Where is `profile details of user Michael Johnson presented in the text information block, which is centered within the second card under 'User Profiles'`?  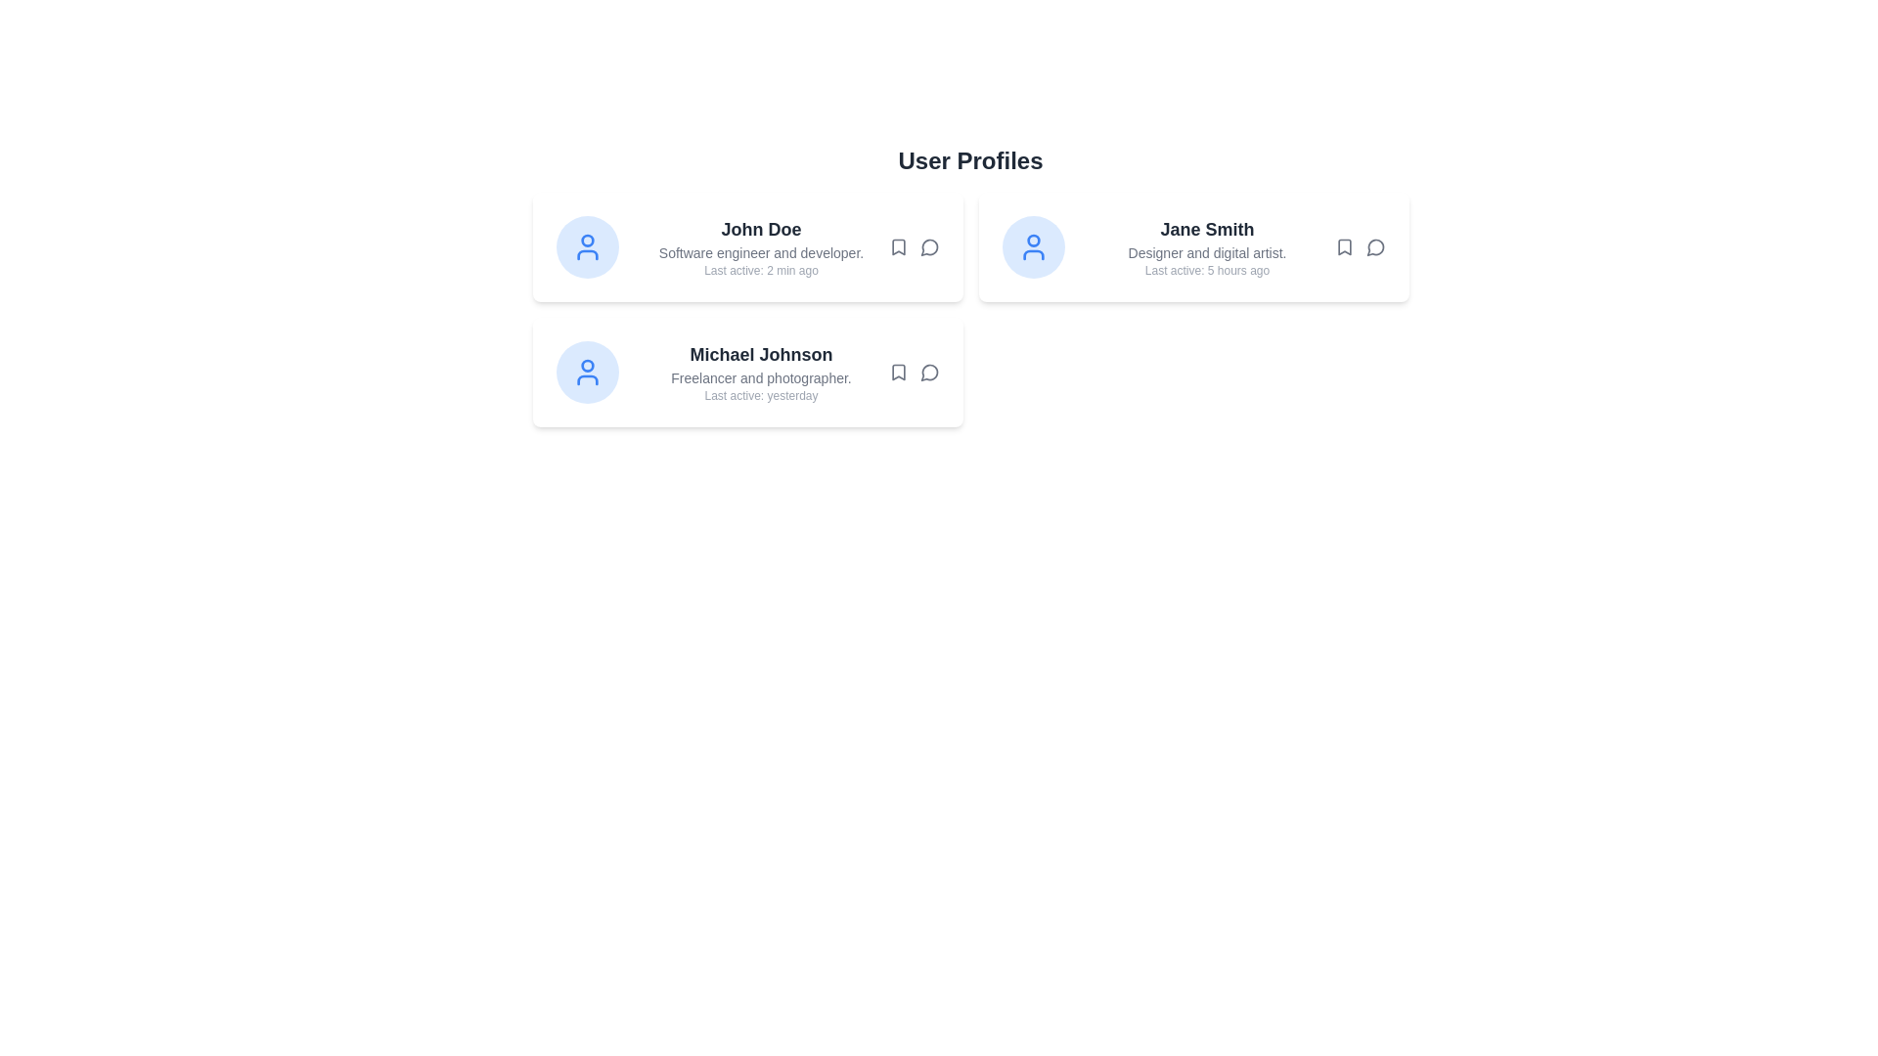 profile details of user Michael Johnson presented in the text information block, which is centered within the second card under 'User Profiles' is located at coordinates (760, 373).